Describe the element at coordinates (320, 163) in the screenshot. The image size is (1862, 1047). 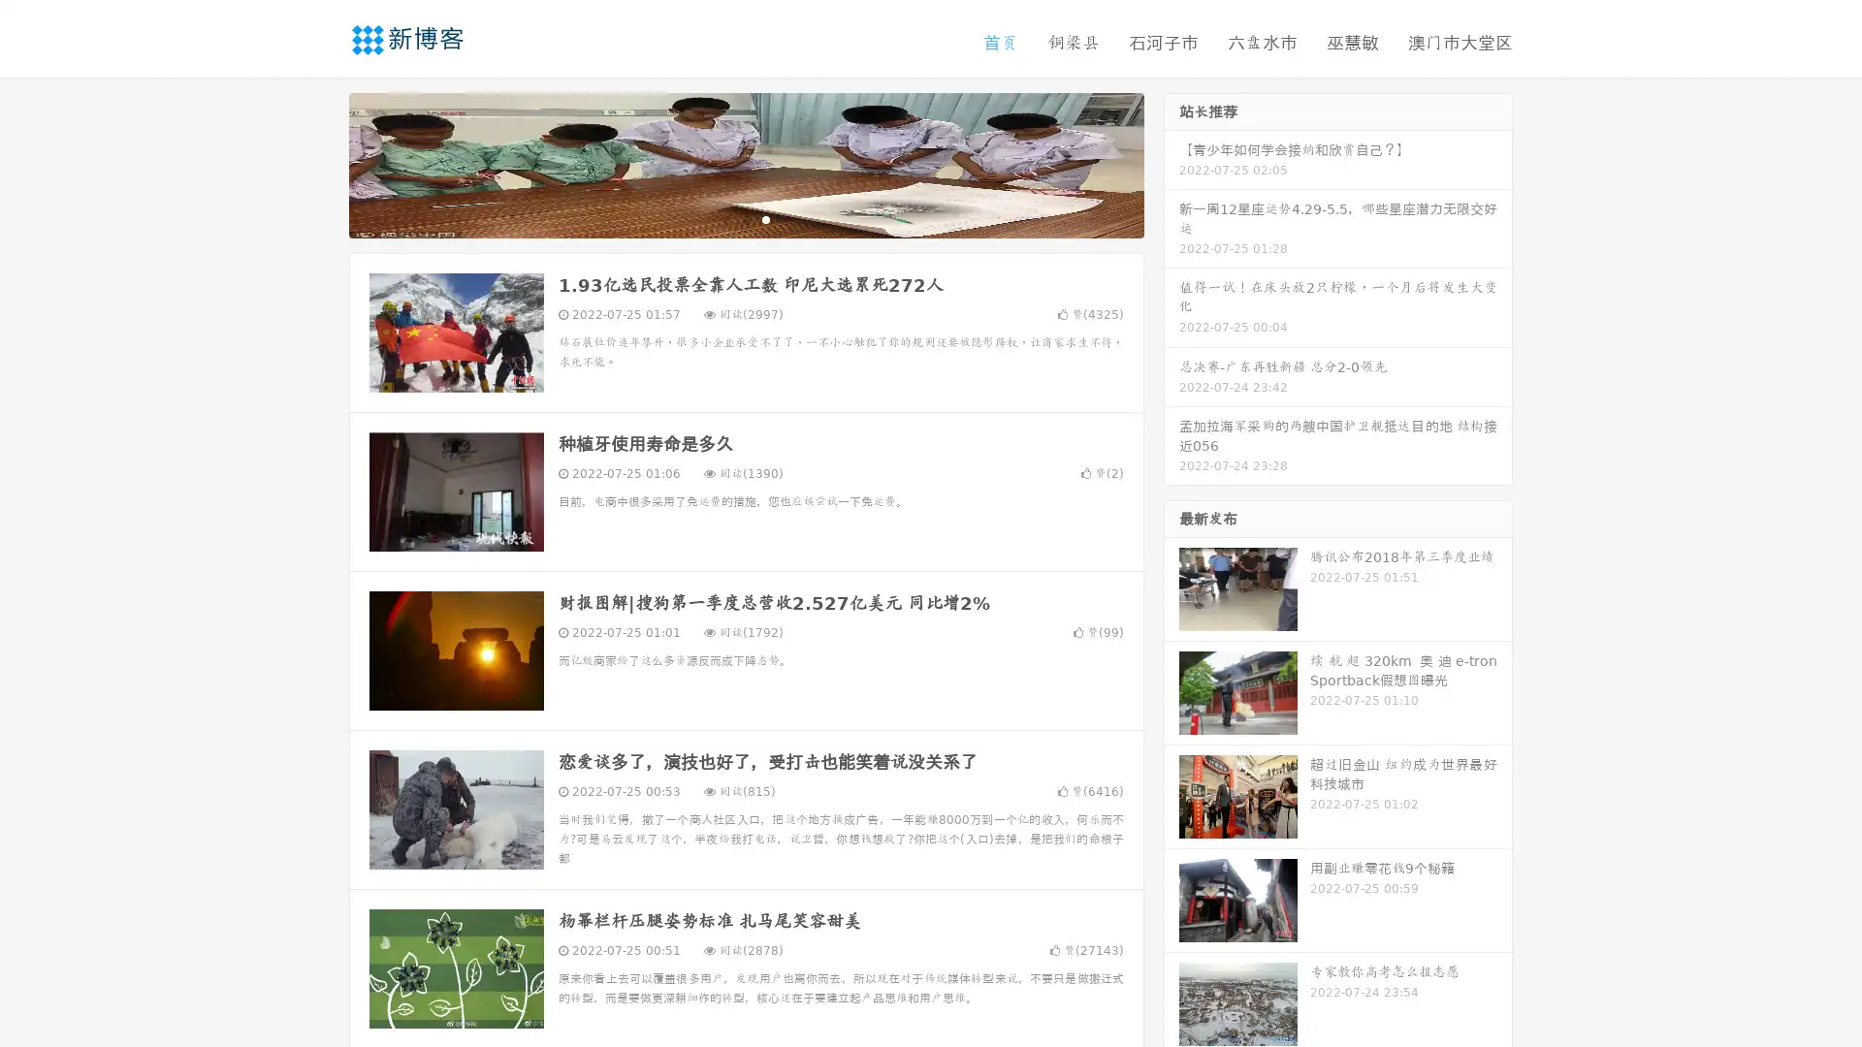
I see `Previous slide` at that location.